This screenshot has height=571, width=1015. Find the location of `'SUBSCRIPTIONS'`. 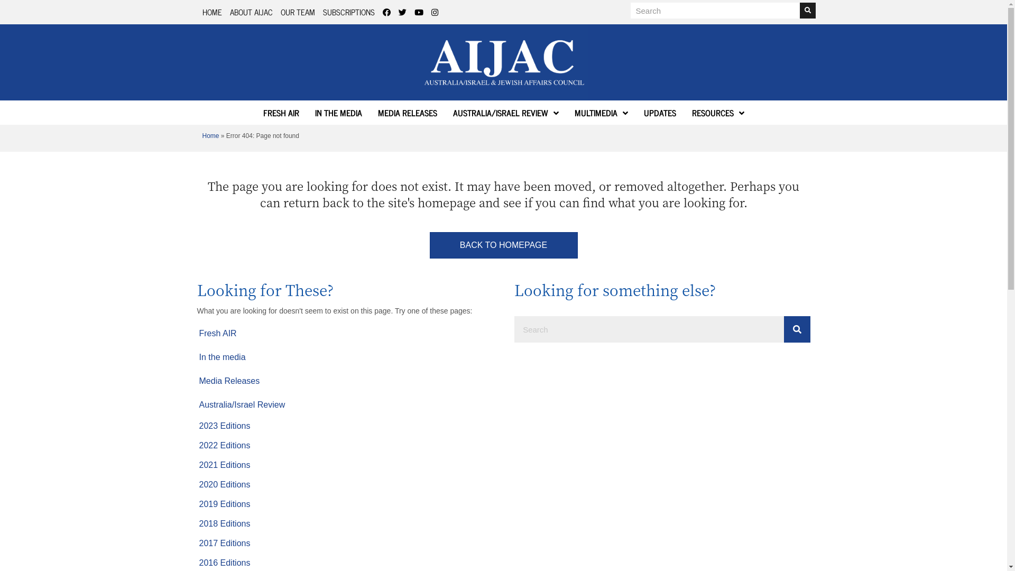

'SUBSCRIPTIONS' is located at coordinates (348, 12).